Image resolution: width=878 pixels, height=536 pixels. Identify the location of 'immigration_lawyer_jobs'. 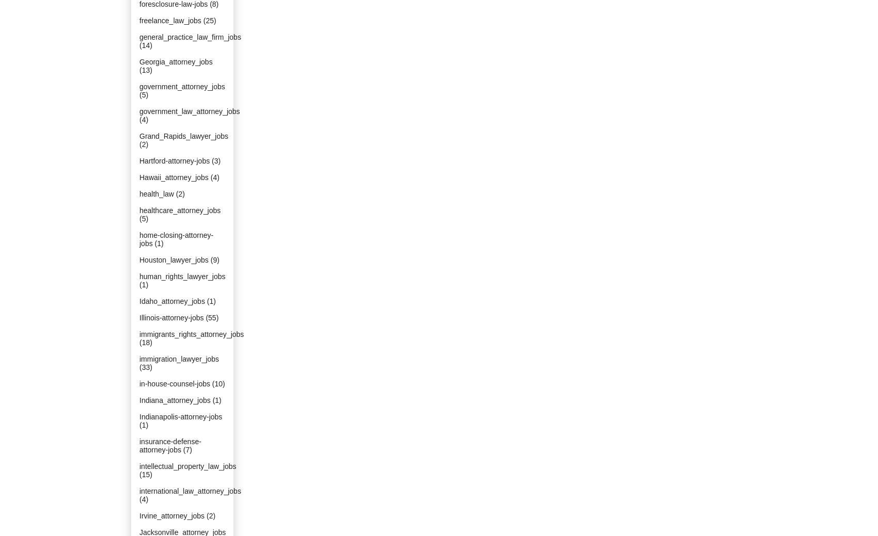
(178, 359).